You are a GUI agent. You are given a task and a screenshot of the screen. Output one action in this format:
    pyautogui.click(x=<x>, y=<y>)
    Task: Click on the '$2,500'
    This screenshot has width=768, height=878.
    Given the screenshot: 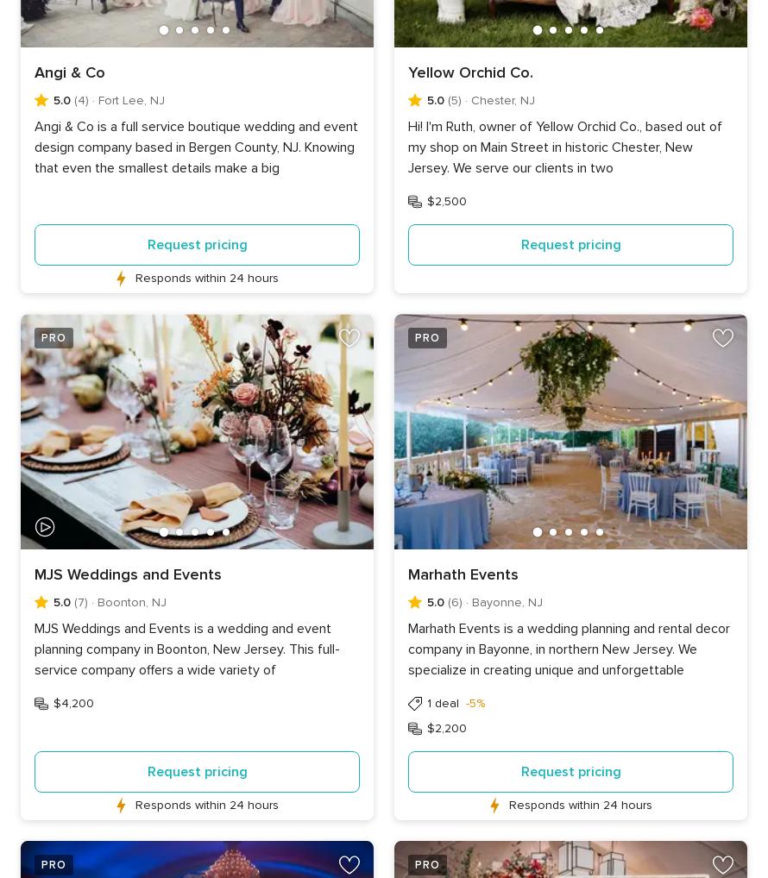 What is the action you would take?
    pyautogui.click(x=446, y=200)
    